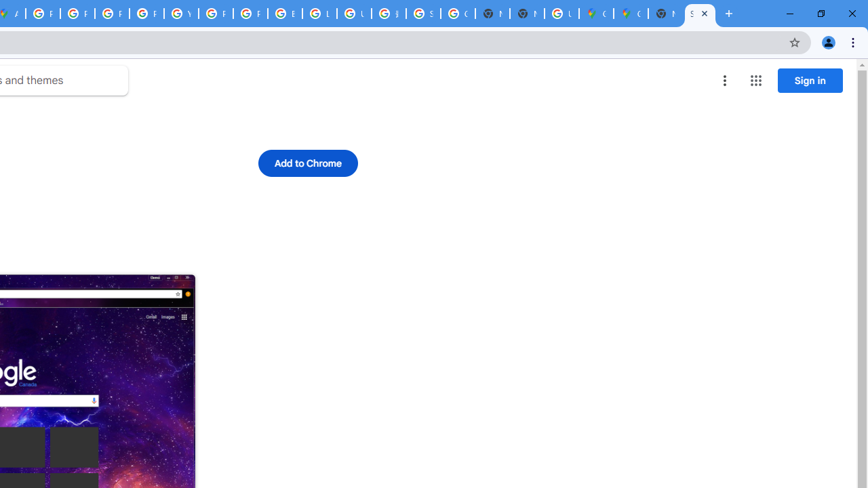 This screenshot has height=488, width=868. What do you see at coordinates (596, 14) in the screenshot?
I see `'Google Maps'` at bounding box center [596, 14].